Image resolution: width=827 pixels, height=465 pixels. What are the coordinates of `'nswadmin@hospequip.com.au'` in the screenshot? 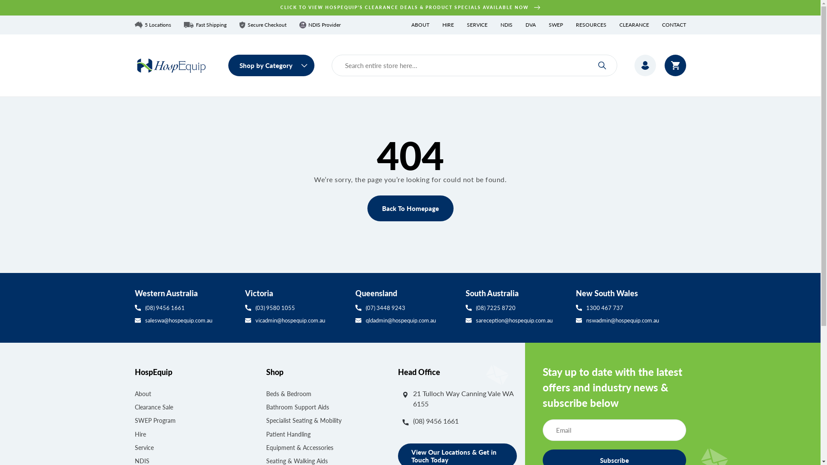 It's located at (631, 320).